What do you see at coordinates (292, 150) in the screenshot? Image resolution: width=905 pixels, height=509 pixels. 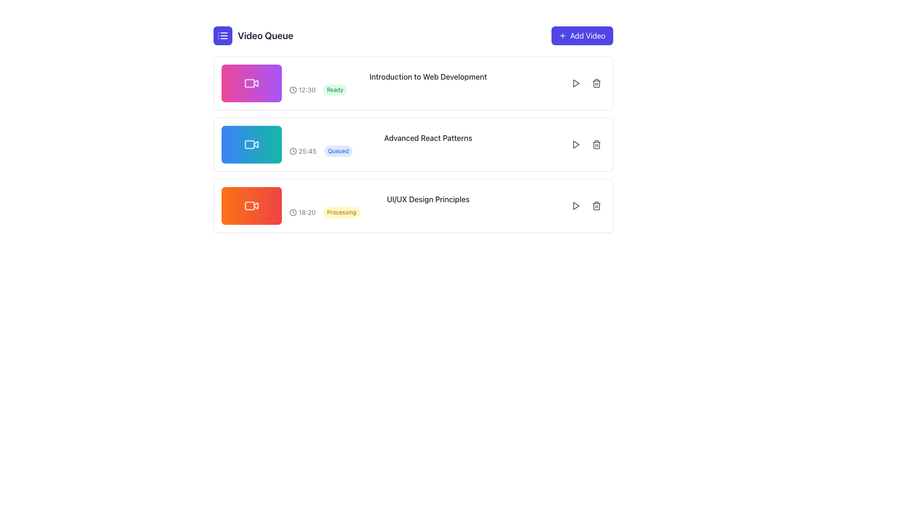 I see `the circular clock icon located beside the time label '25:45' in the second row of the video queue layout` at bounding box center [292, 150].